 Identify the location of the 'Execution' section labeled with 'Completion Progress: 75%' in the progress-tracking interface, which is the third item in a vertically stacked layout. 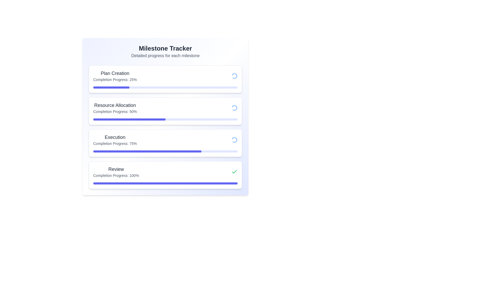
(165, 139).